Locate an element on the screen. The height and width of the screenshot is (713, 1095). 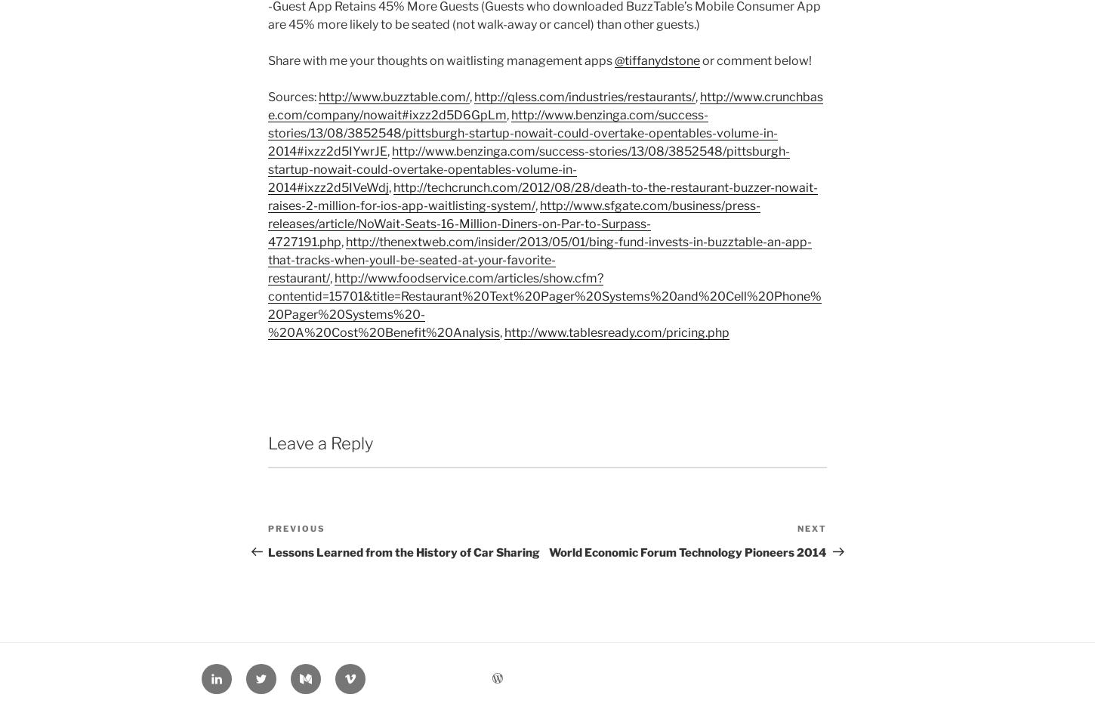
'Share with me your thoughts on waitlisting management apps' is located at coordinates (441, 60).